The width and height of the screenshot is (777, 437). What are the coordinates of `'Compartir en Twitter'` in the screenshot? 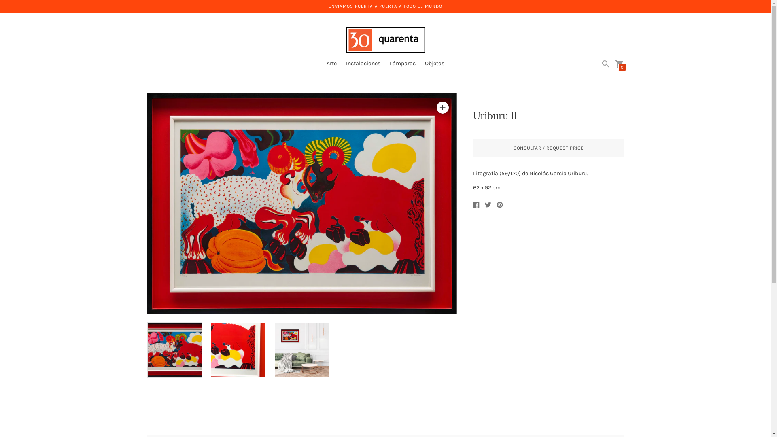 It's located at (487, 204).